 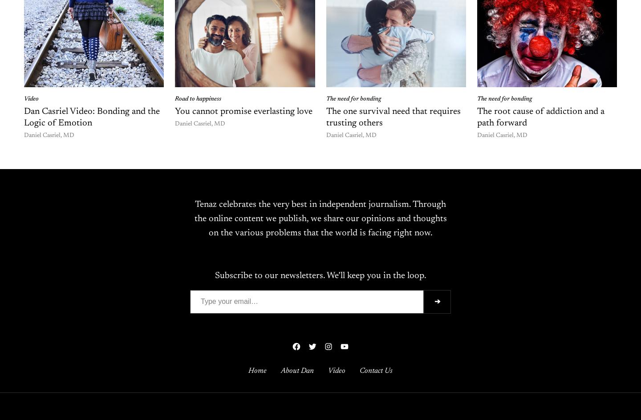 I want to click on 'Tenaz celebrates the very best in independent journalism. Through the online content we publish, we share our opinions and thoughts on the various problems that the world is facing right now.', so click(x=320, y=219).